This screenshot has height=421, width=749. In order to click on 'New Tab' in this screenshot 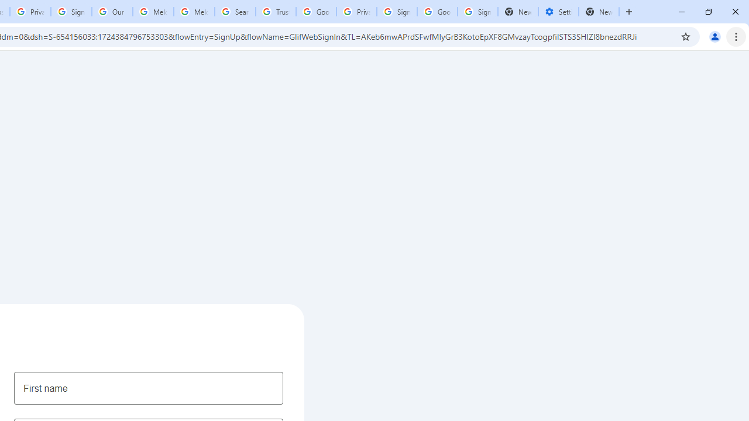, I will do `click(599, 12)`.